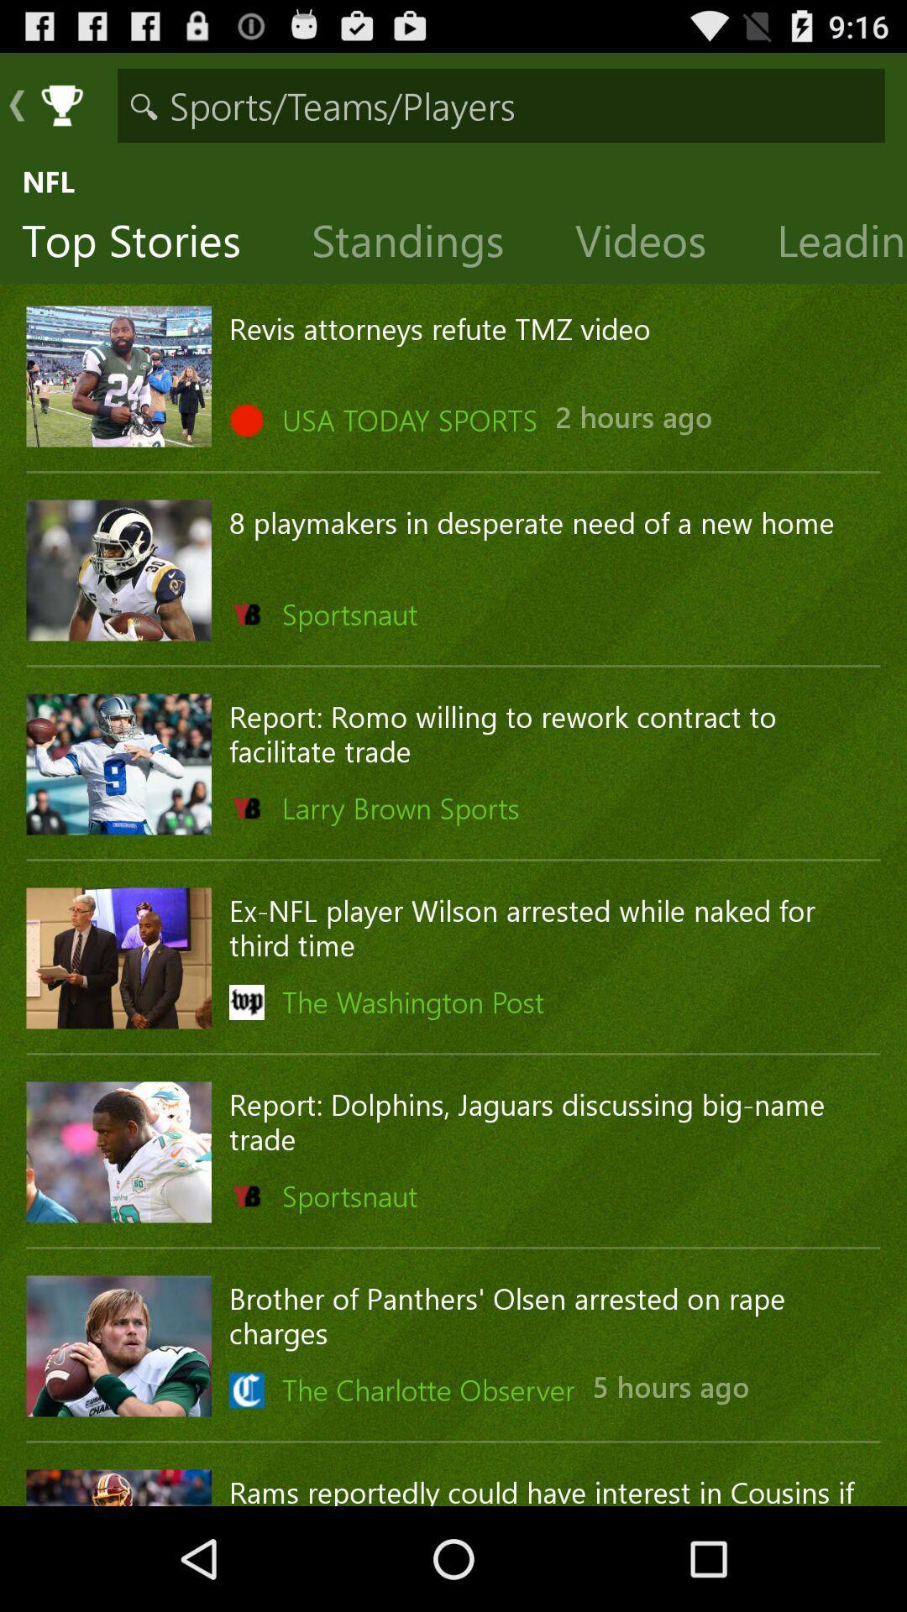 The image size is (907, 1612). What do you see at coordinates (501, 104) in the screenshot?
I see `search it` at bounding box center [501, 104].